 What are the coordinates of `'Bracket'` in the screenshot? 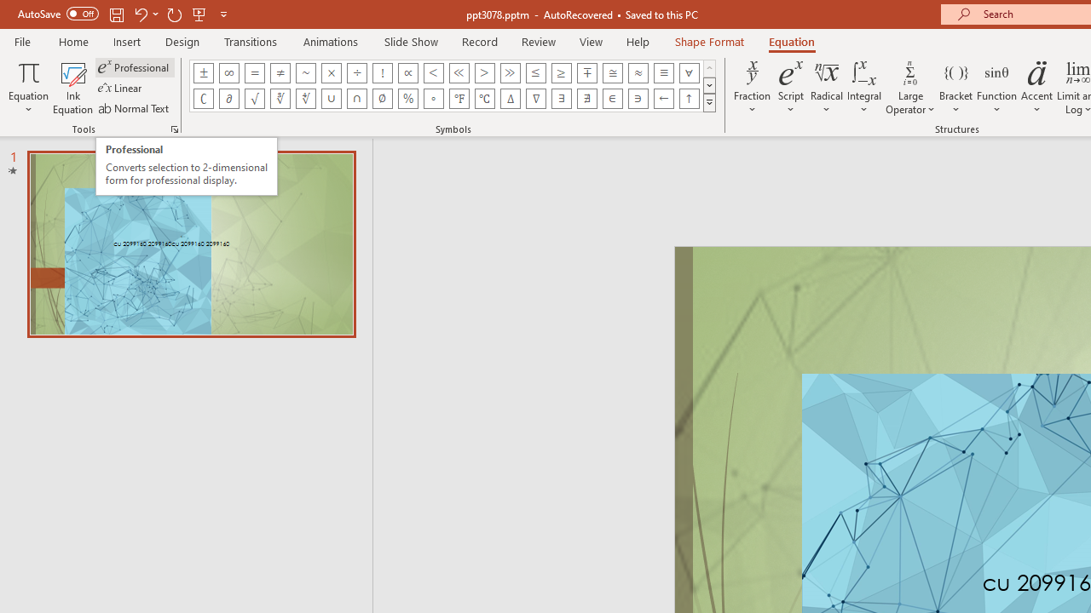 It's located at (955, 88).